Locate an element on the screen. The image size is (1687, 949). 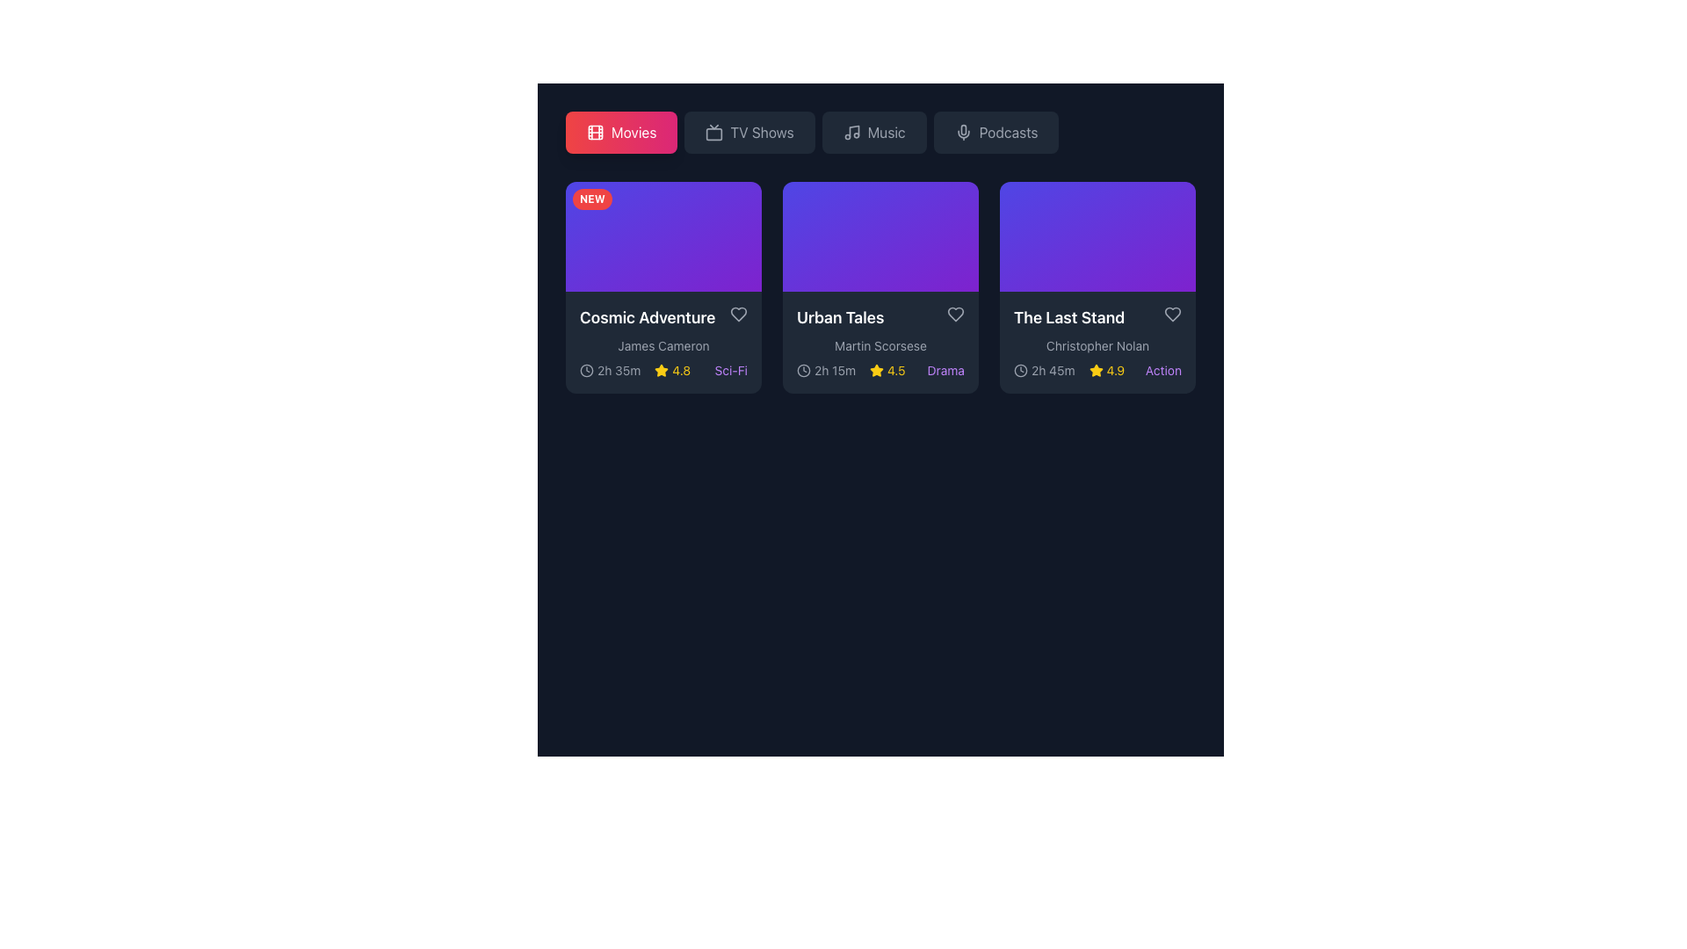
the informational display group for the movie that shows duration, rating, and genre, located below the 'Urban Tales' title and 'Martin Scorsese' label is located at coordinates (880, 370).